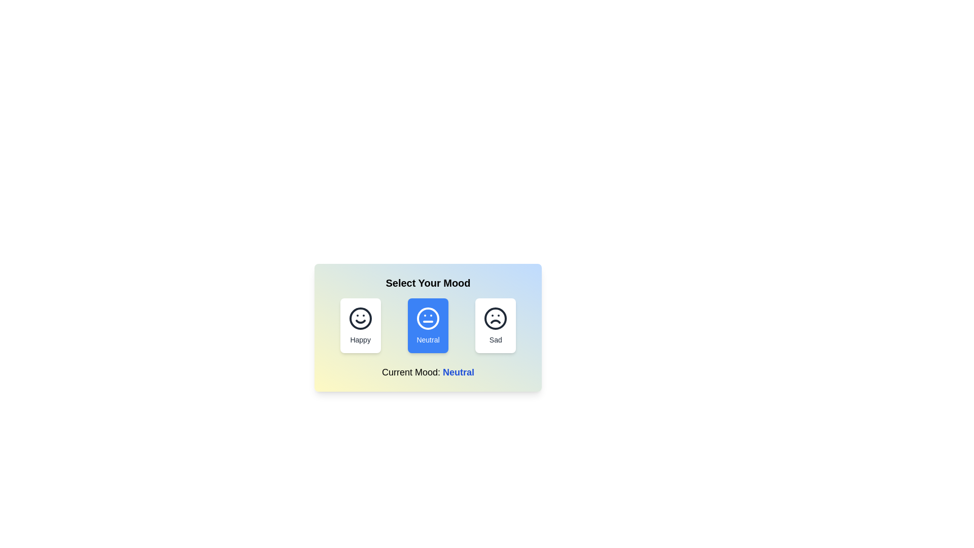  Describe the element at coordinates (428, 325) in the screenshot. I see `the mood button labeled Neutral` at that location.